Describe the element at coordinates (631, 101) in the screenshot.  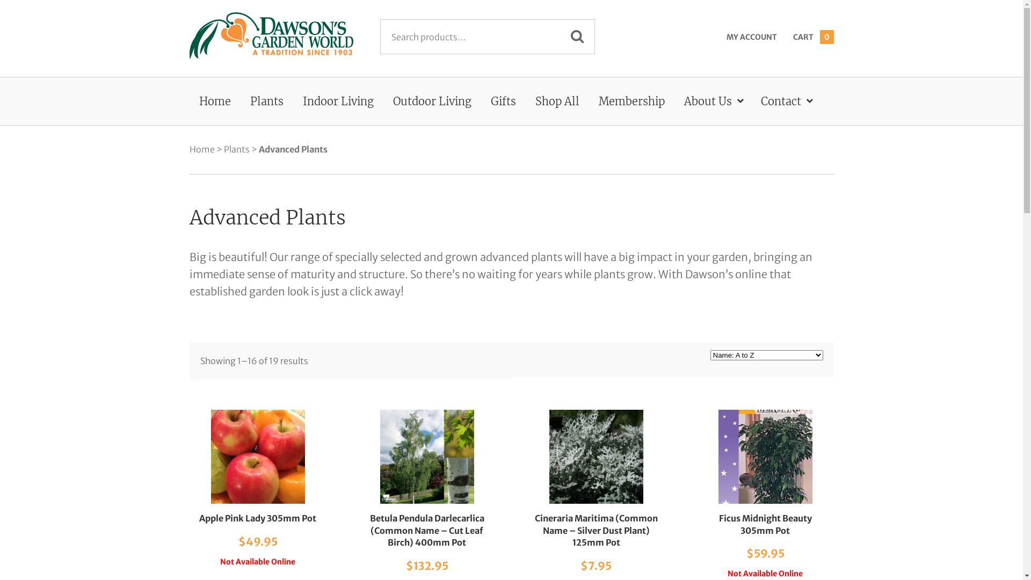
I see `'Membership'` at that location.